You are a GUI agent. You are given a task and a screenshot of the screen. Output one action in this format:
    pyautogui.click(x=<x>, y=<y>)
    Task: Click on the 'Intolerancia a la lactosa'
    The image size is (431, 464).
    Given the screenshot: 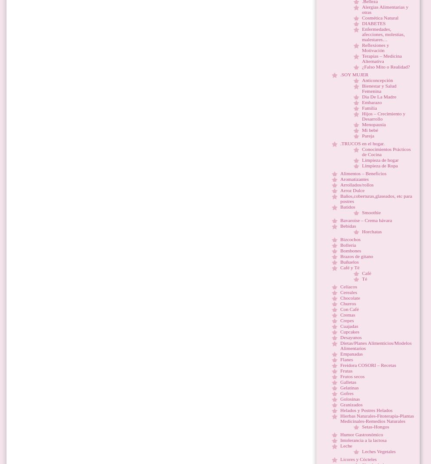 What is the action you would take?
    pyautogui.click(x=363, y=440)
    